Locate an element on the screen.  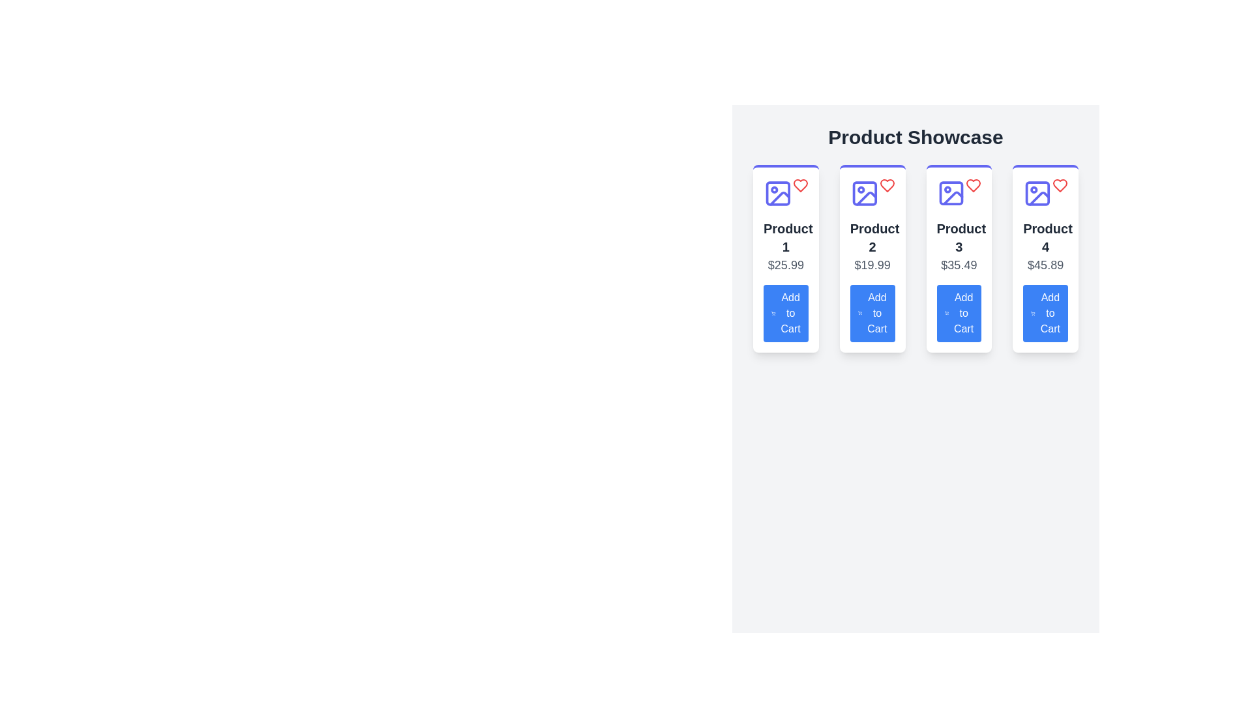
the price text displaying '$35.49' located in the third product card, positioned below the title 'Product 3' and above the 'Add to Cart' button is located at coordinates (959, 265).